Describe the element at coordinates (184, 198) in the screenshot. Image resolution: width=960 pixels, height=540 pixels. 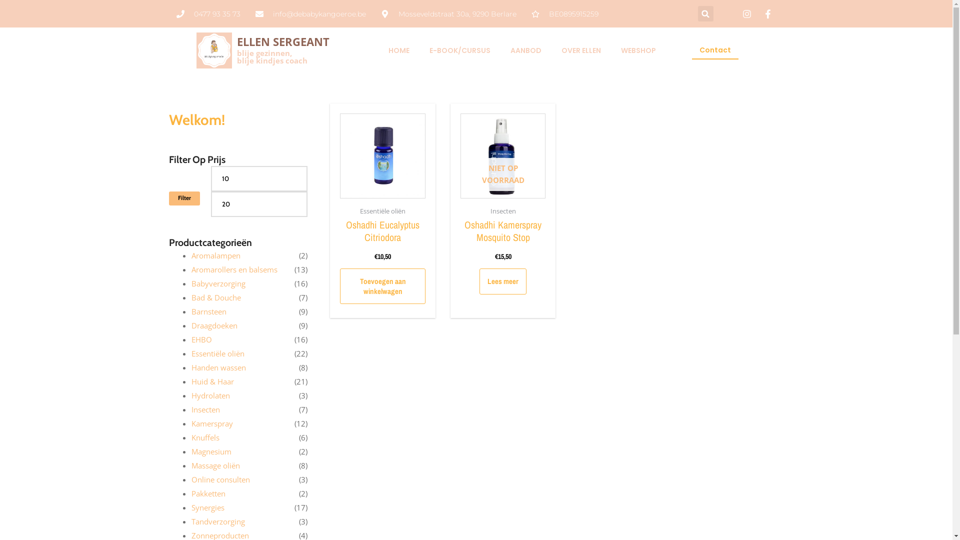
I see `'Filter'` at that location.